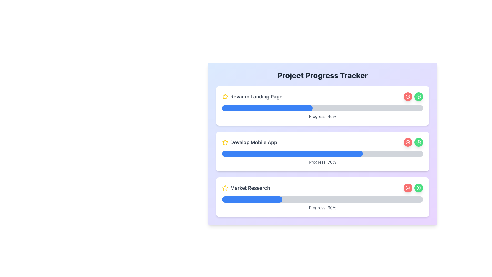 The image size is (492, 277). What do you see at coordinates (225, 188) in the screenshot?
I see `the star-shaped icon with a golden-yellow outline located to the left of the 'Market Research' text` at bounding box center [225, 188].